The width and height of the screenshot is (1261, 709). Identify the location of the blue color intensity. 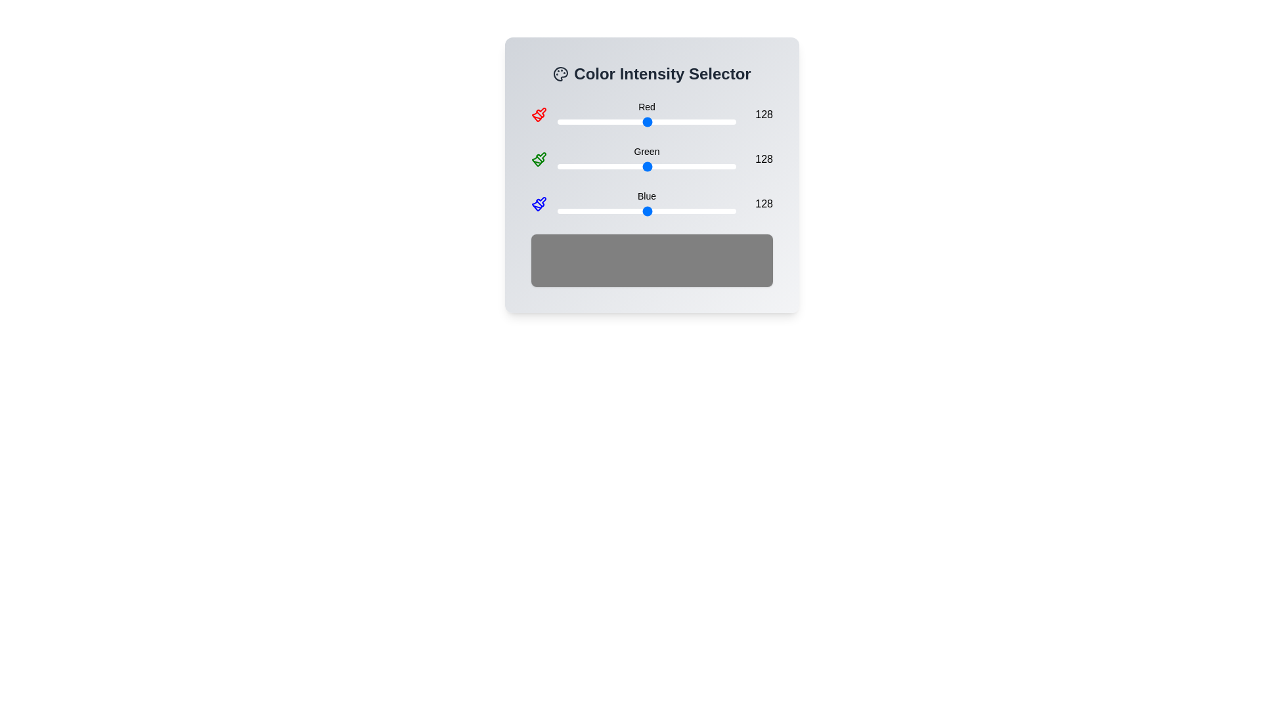
(696, 210).